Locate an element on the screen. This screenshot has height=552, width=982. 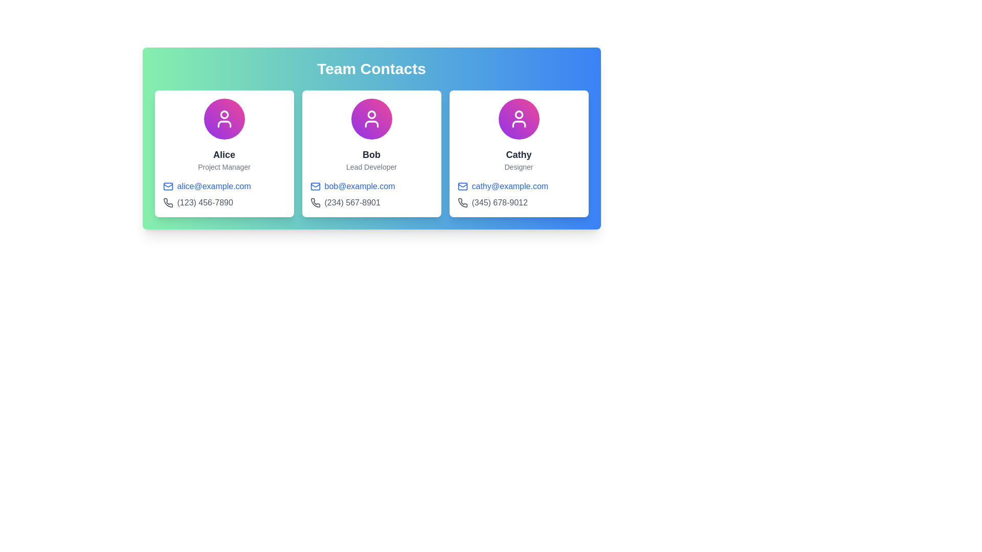
text displayed in the phone number label adjacent to the phone icon for the contact 'Alice', a 'Project Manager' is located at coordinates (205, 203).